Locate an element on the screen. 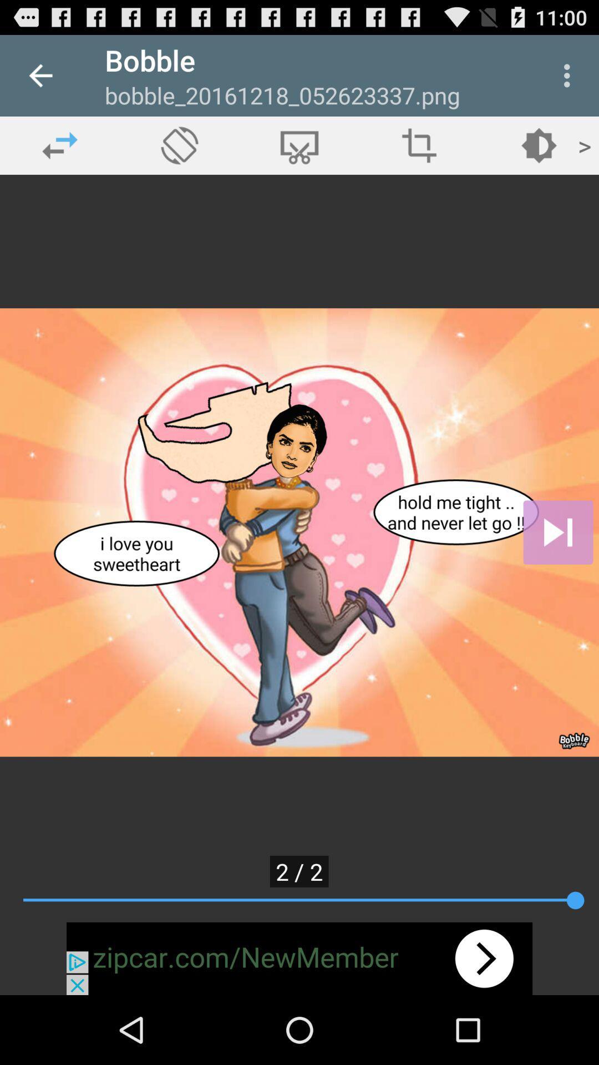 This screenshot has height=1065, width=599. the third icon which is at the top center of the page is located at coordinates (299, 145).